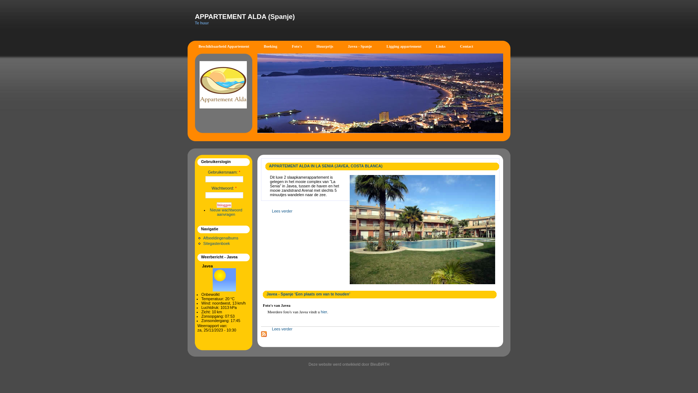 The image size is (698, 393). Describe the element at coordinates (440, 46) in the screenshot. I see `'Links'` at that location.